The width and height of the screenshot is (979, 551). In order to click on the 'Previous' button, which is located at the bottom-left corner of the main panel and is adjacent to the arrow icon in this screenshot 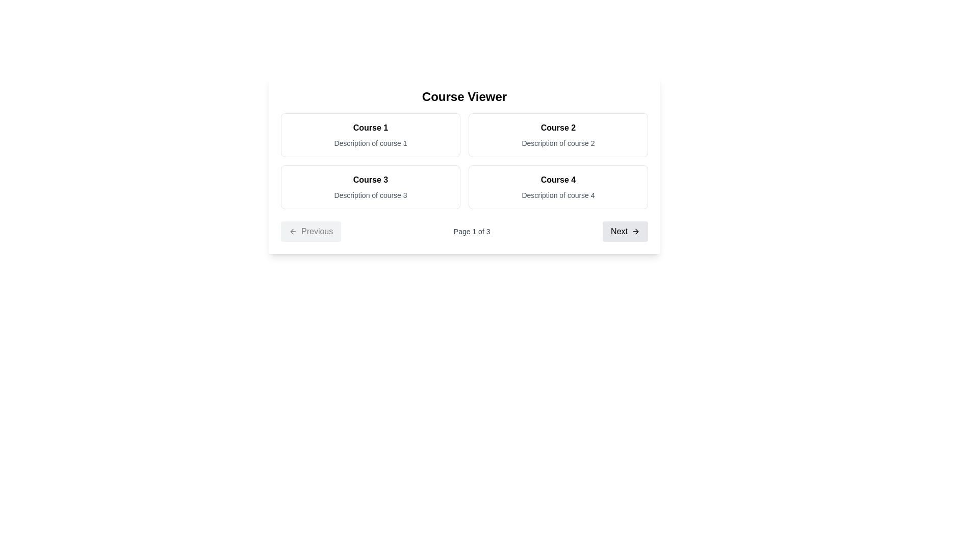, I will do `click(293, 232)`.